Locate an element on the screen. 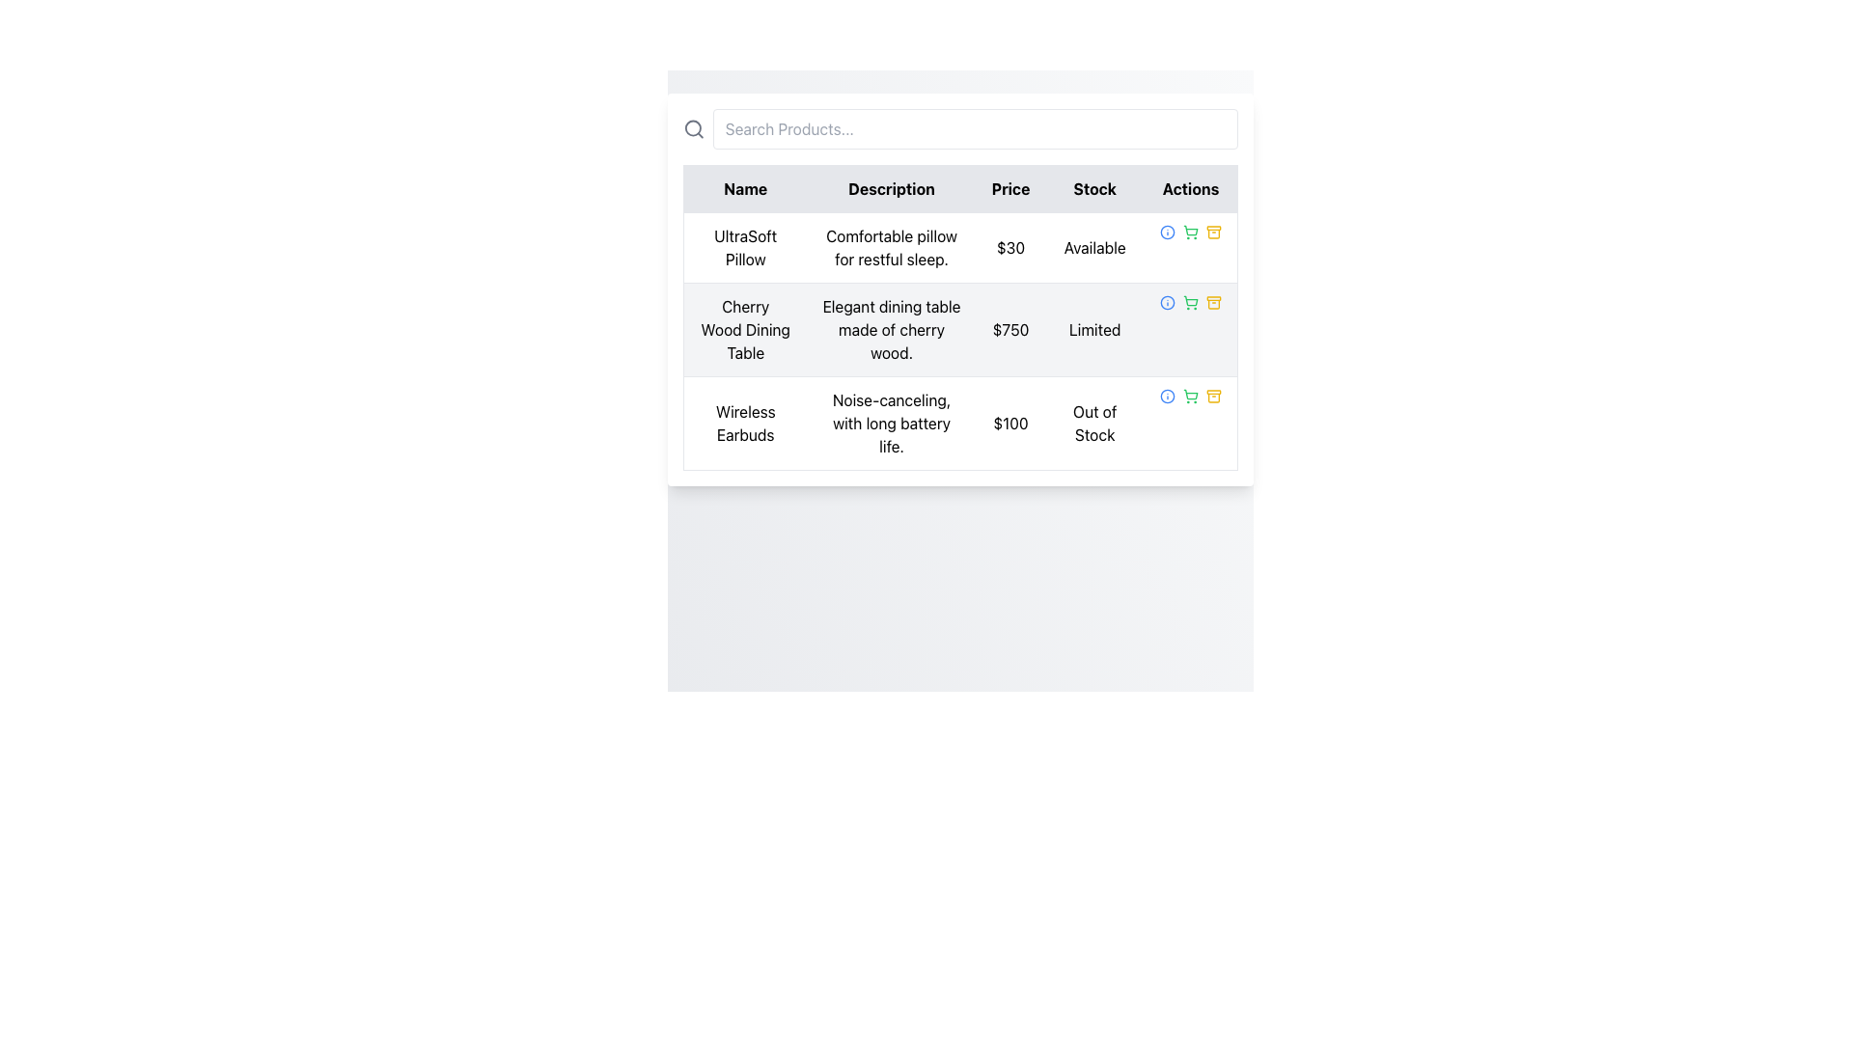 The width and height of the screenshot is (1853, 1042). the Icon button in the 'Actions' column of the second row for the 'Cherry Wood Dining Table' is located at coordinates (1212, 304).